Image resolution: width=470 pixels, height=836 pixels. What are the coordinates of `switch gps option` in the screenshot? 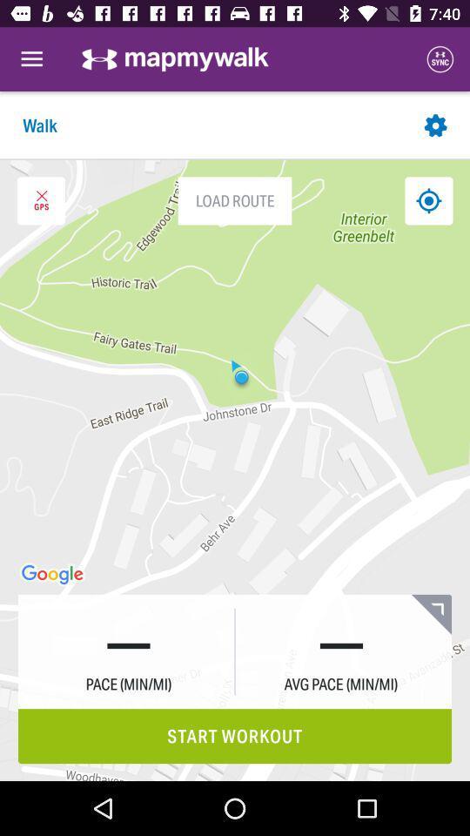 It's located at (41, 200).